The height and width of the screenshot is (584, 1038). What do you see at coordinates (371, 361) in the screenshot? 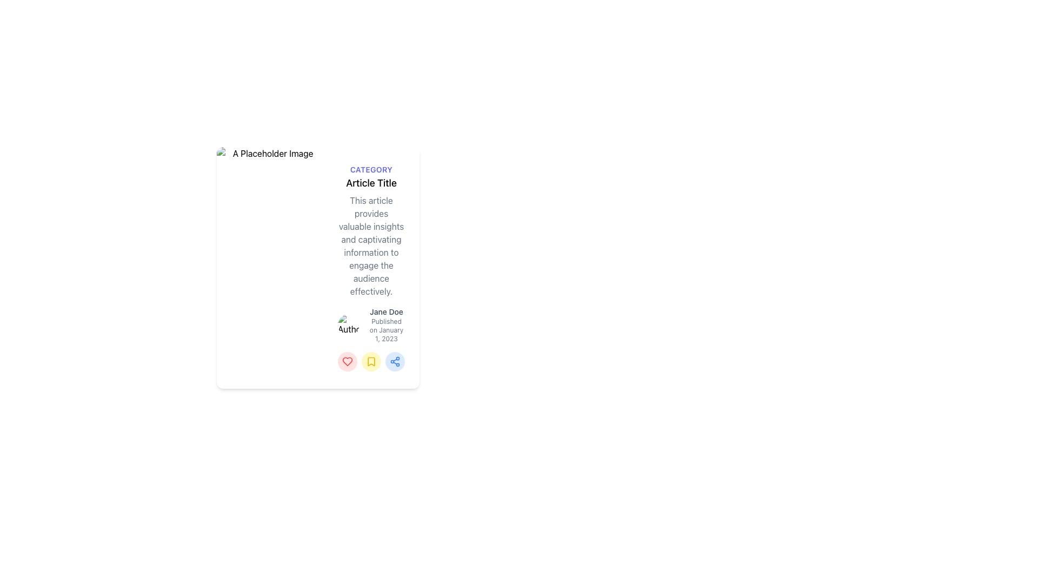
I see `the vibrant yellow bookmark icon button located in the bottom row of icons on the card, positioned between the heart-shaped icon and the circular share icon` at bounding box center [371, 361].